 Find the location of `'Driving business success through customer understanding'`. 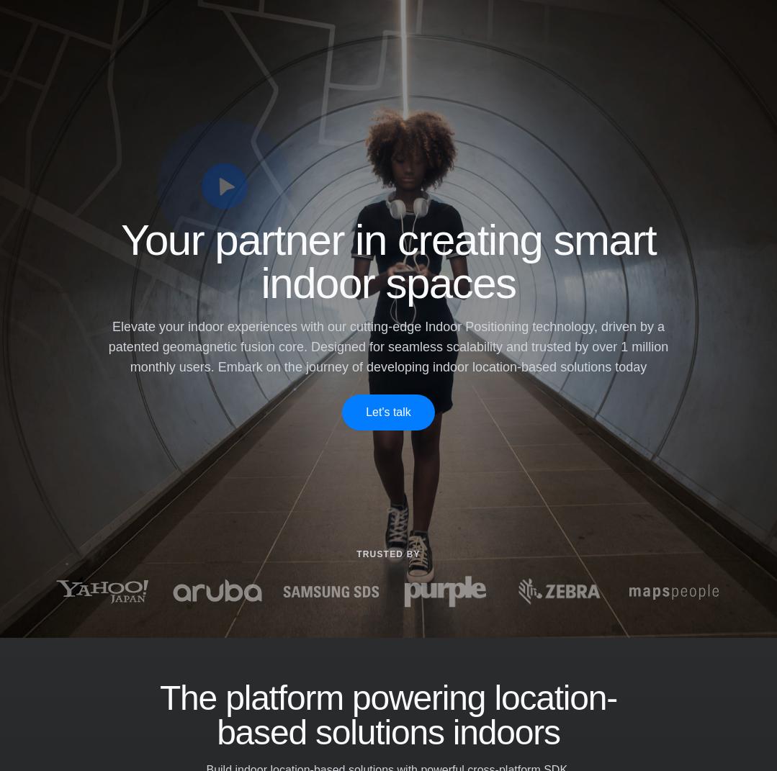

'Driving business success through customer understanding' is located at coordinates (356, 363).